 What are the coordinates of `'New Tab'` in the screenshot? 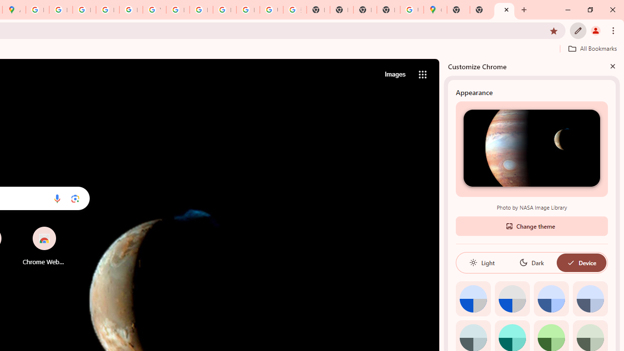 It's located at (504, 10).